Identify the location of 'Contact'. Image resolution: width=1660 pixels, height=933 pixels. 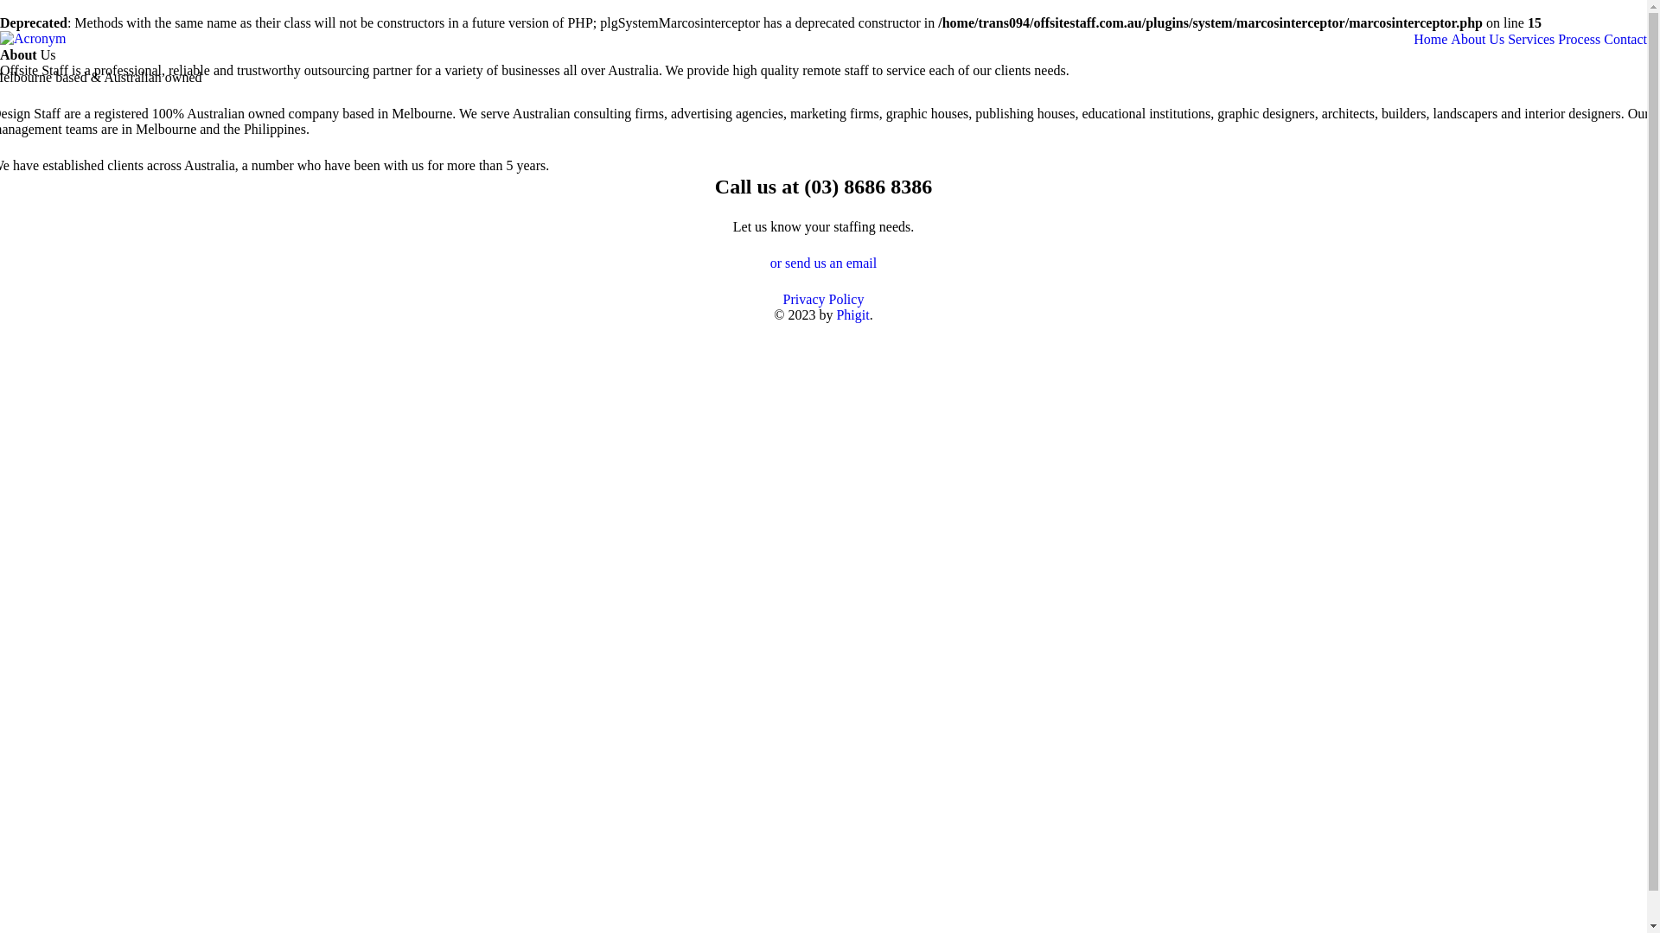
(1625, 39).